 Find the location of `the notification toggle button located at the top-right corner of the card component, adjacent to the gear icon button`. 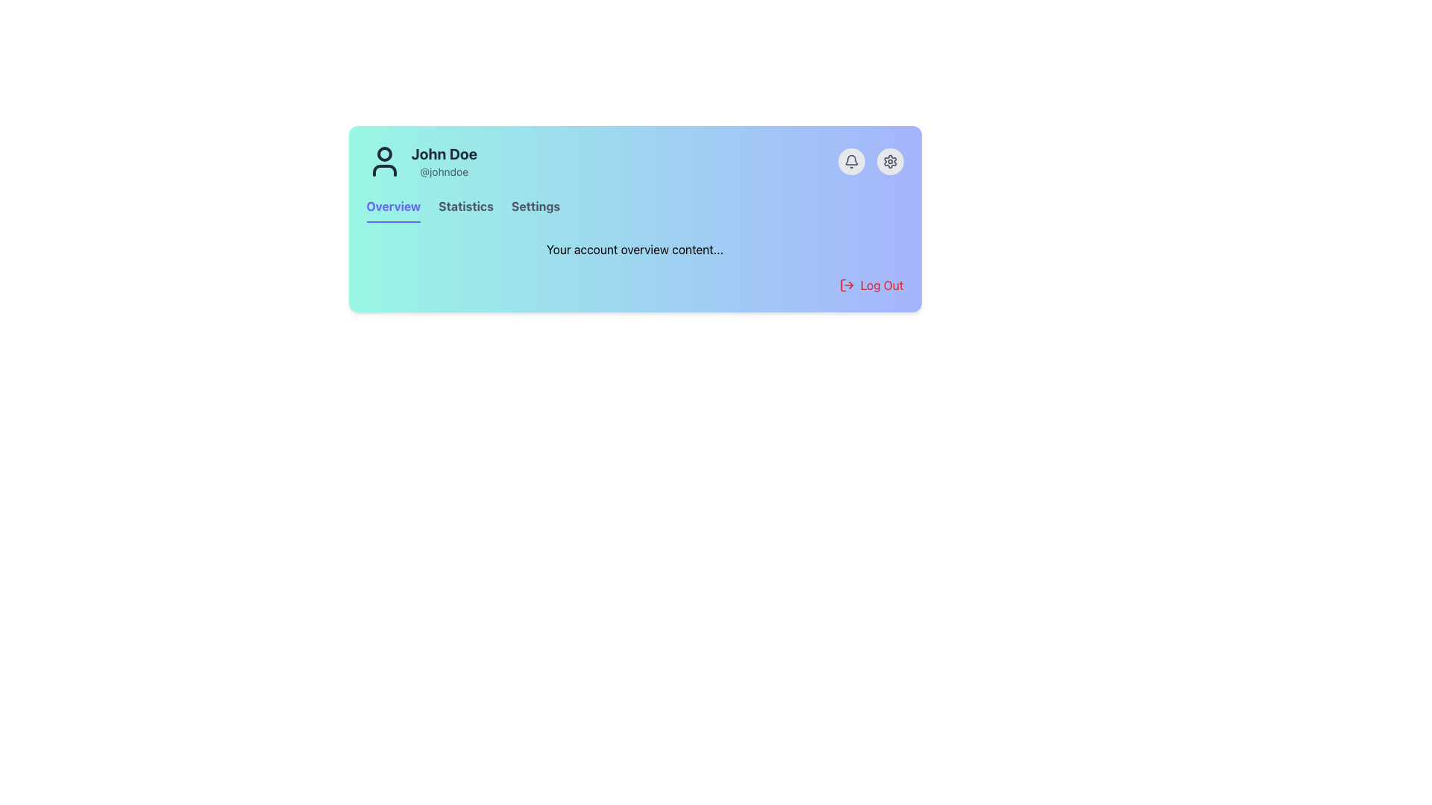

the notification toggle button located at the top-right corner of the card component, adjacent to the gear icon button is located at coordinates (851, 161).